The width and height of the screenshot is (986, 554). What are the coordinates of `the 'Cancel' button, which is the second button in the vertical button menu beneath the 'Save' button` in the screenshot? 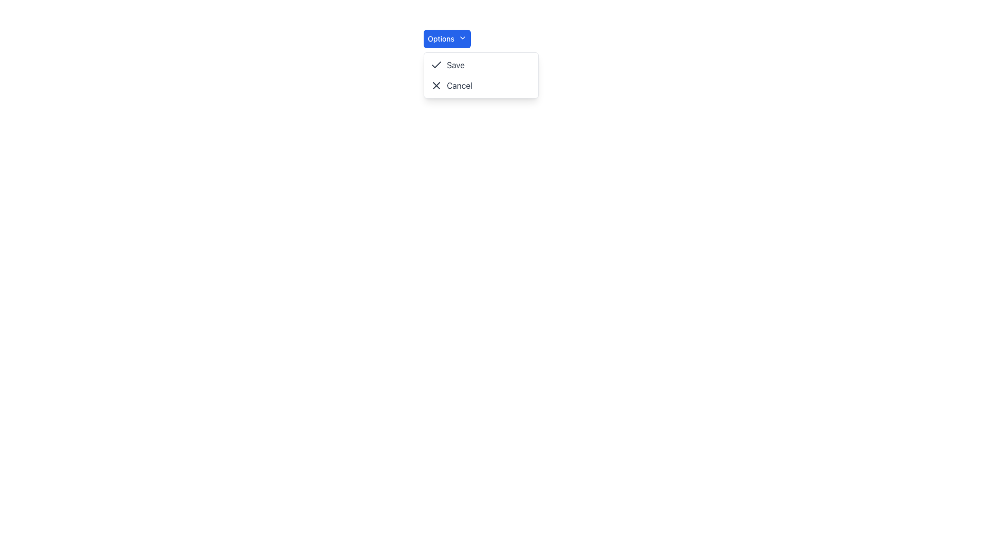 It's located at (480, 85).